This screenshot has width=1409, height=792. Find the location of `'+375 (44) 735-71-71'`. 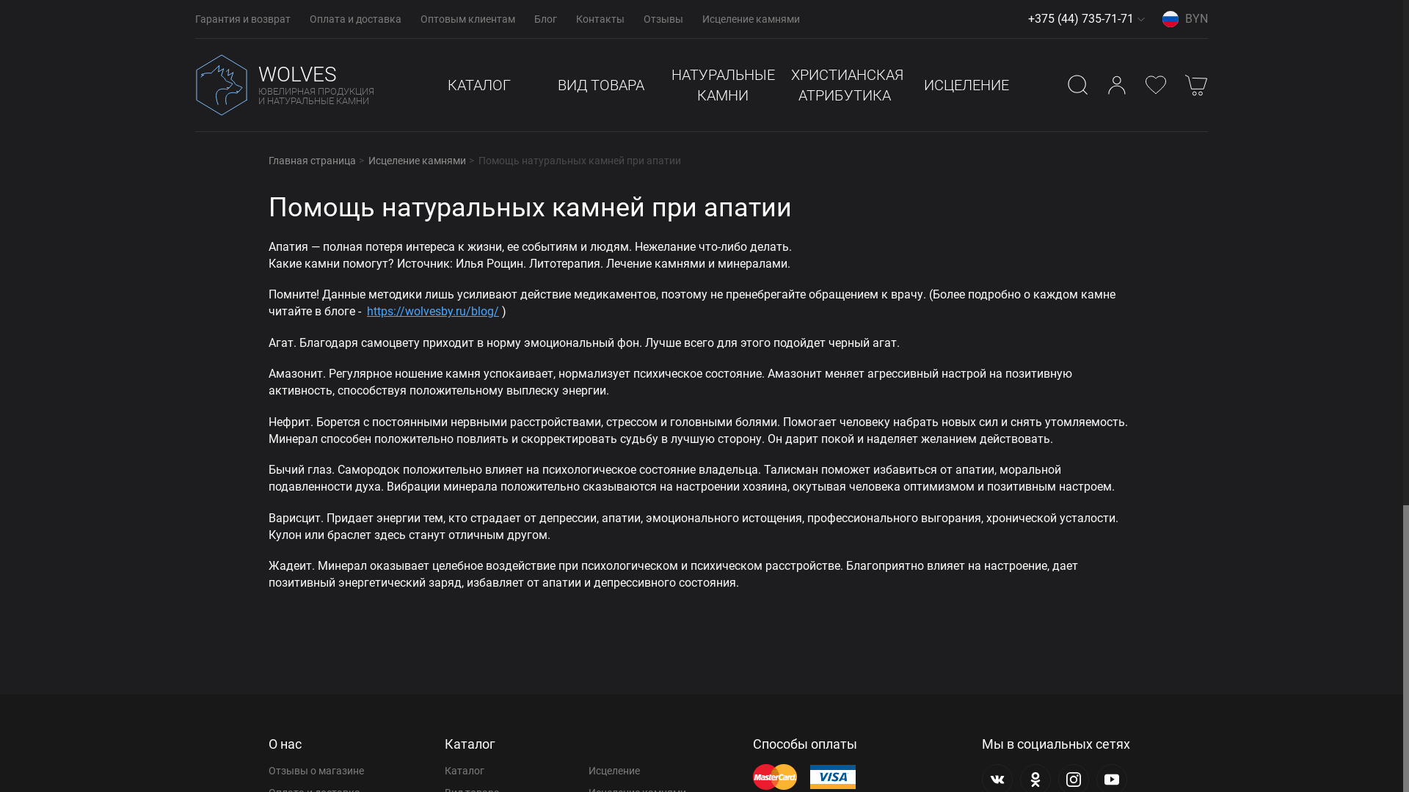

'+375 (44) 735-71-71' is located at coordinates (1081, 18).